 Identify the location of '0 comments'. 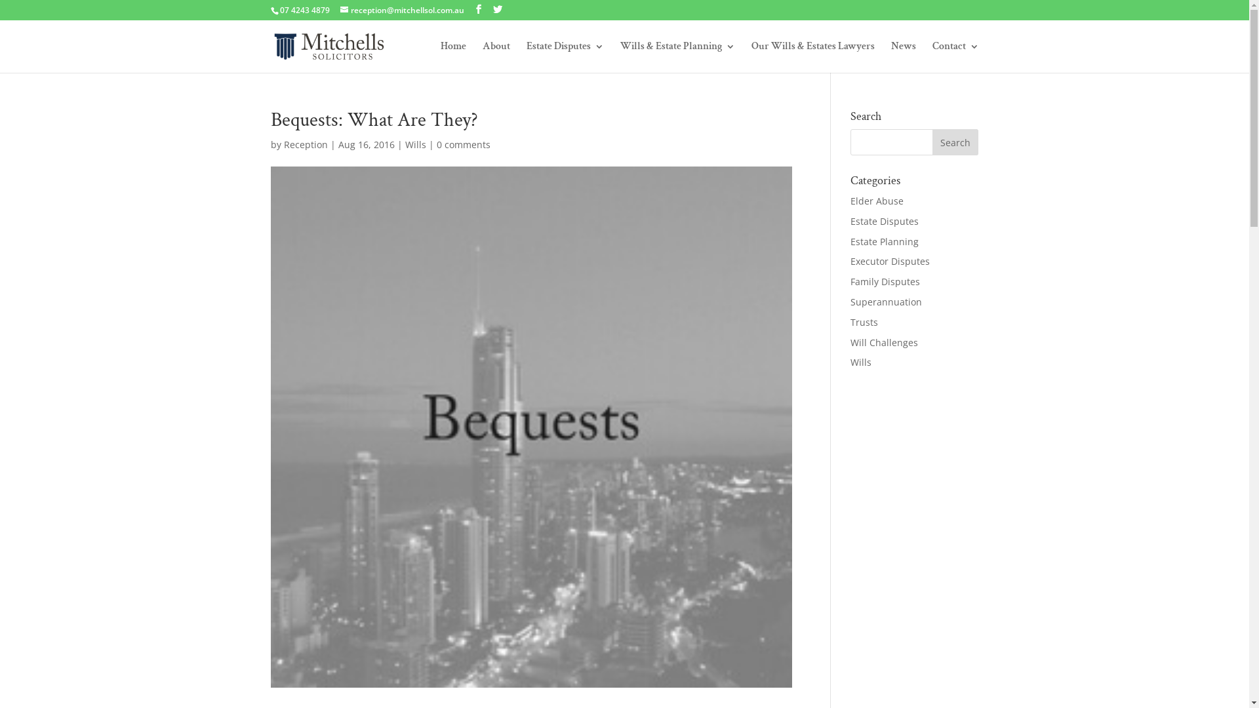
(463, 144).